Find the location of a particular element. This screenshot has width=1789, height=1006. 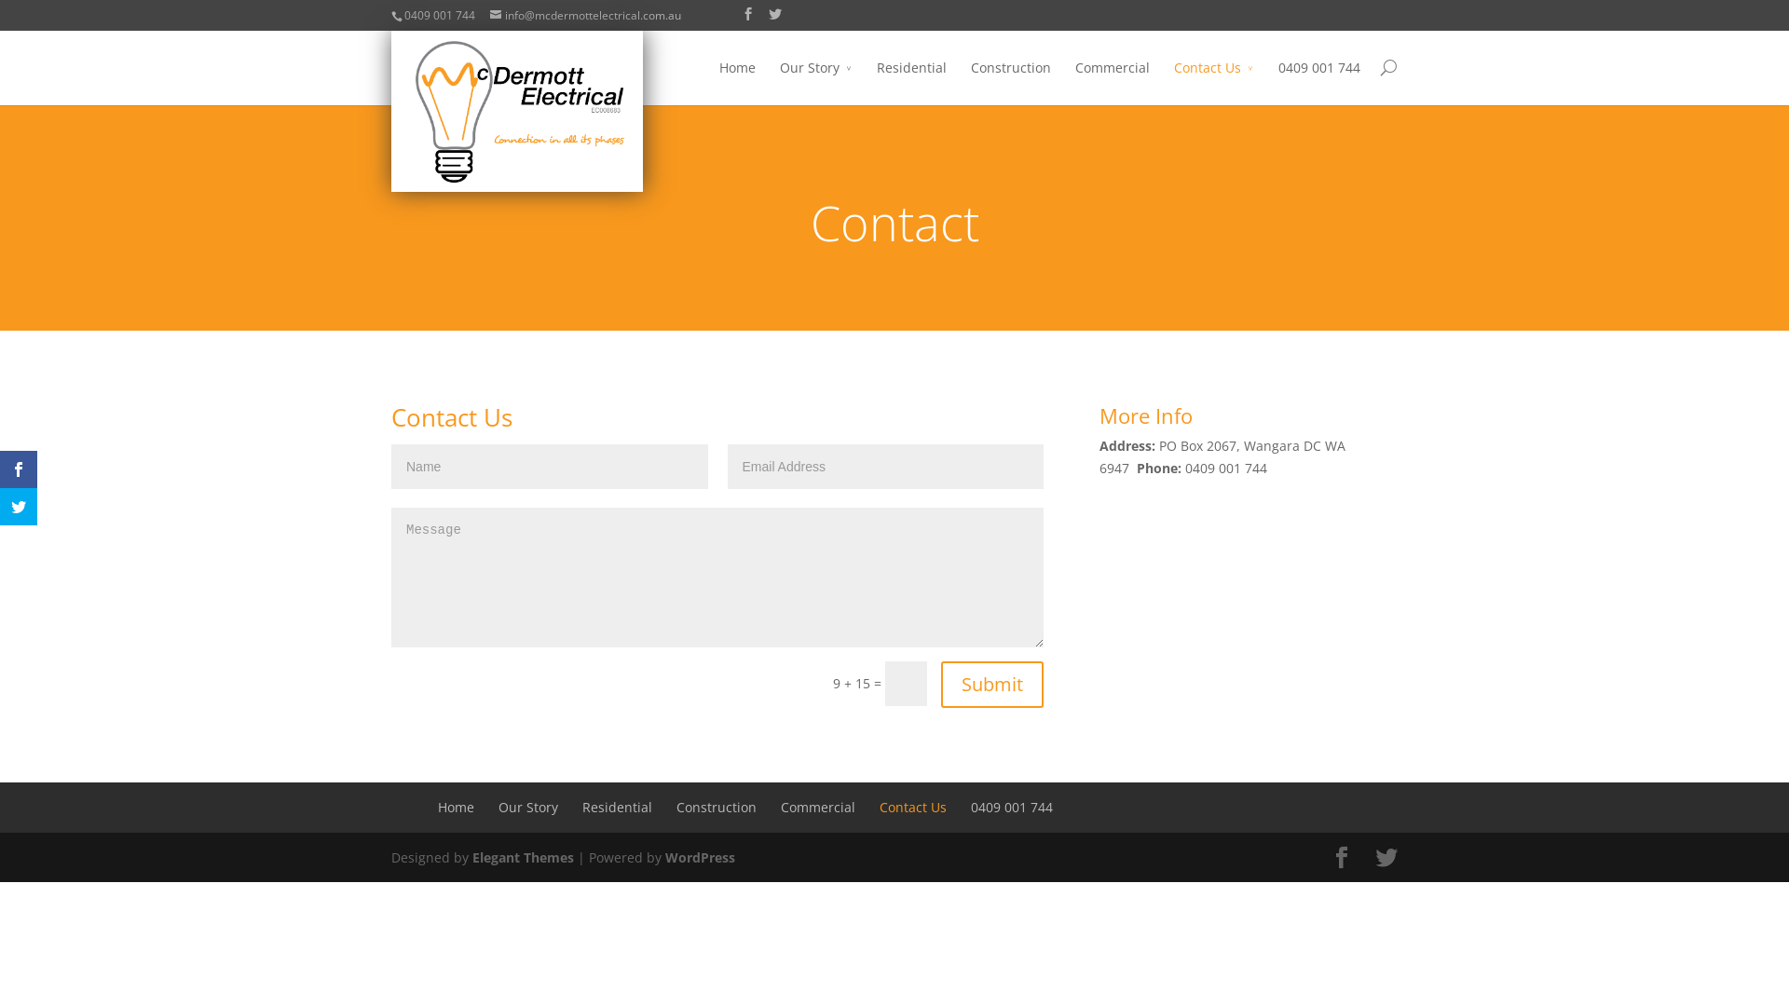

'Home' is located at coordinates (456, 806).